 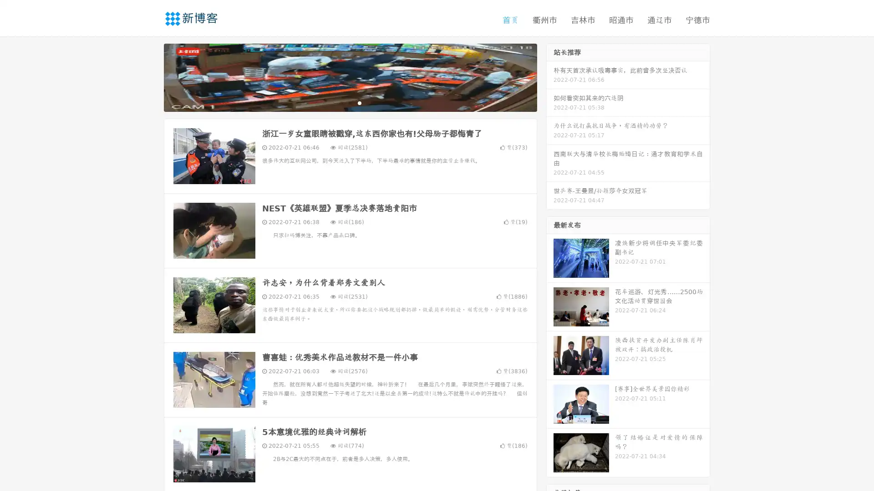 What do you see at coordinates (359, 102) in the screenshot?
I see `Go to slide 3` at bounding box center [359, 102].